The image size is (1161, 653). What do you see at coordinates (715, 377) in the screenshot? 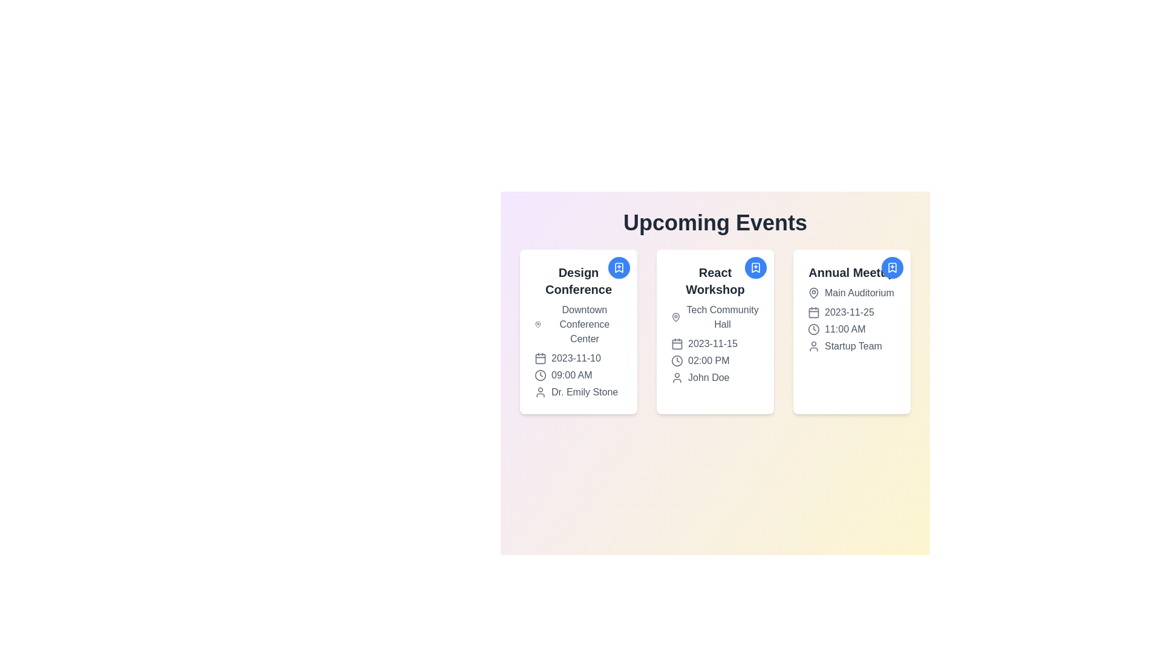
I see `the label 'John Doe' with a user icon, located at the bottom of the 'React Workshop' card, directly beneath '02:00 PM'` at bounding box center [715, 377].